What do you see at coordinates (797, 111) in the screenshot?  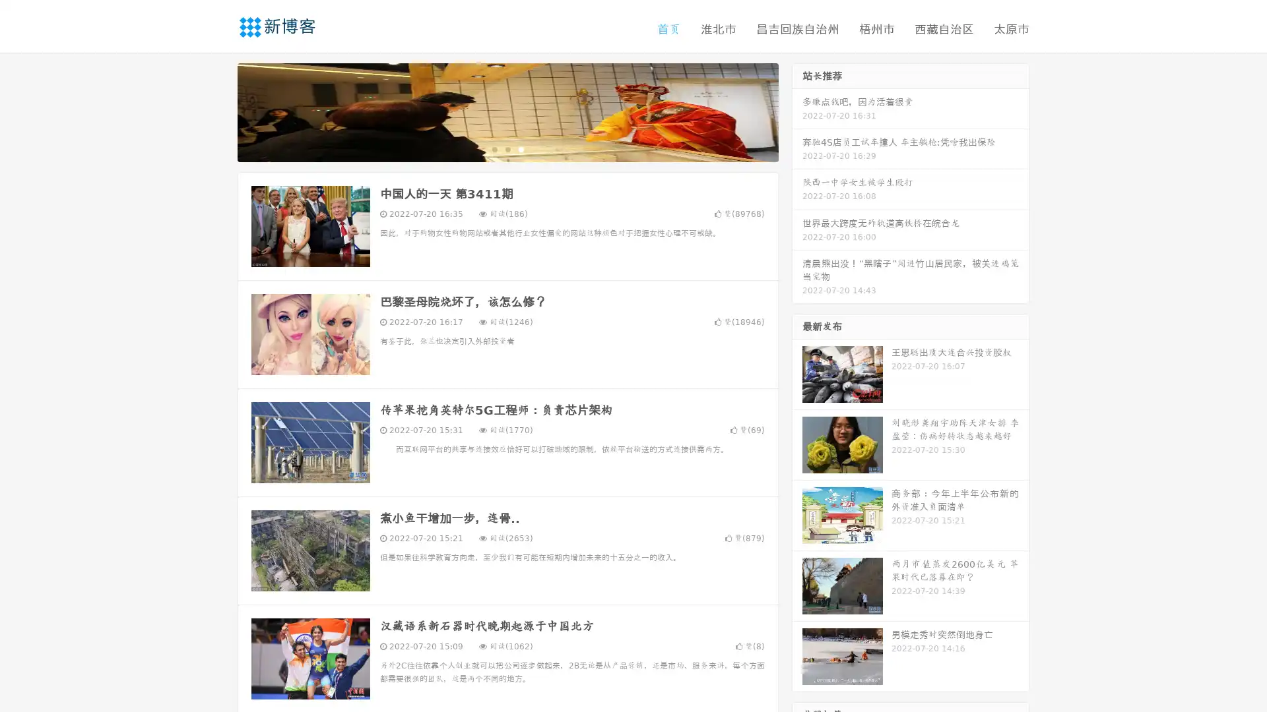 I see `Next slide` at bounding box center [797, 111].